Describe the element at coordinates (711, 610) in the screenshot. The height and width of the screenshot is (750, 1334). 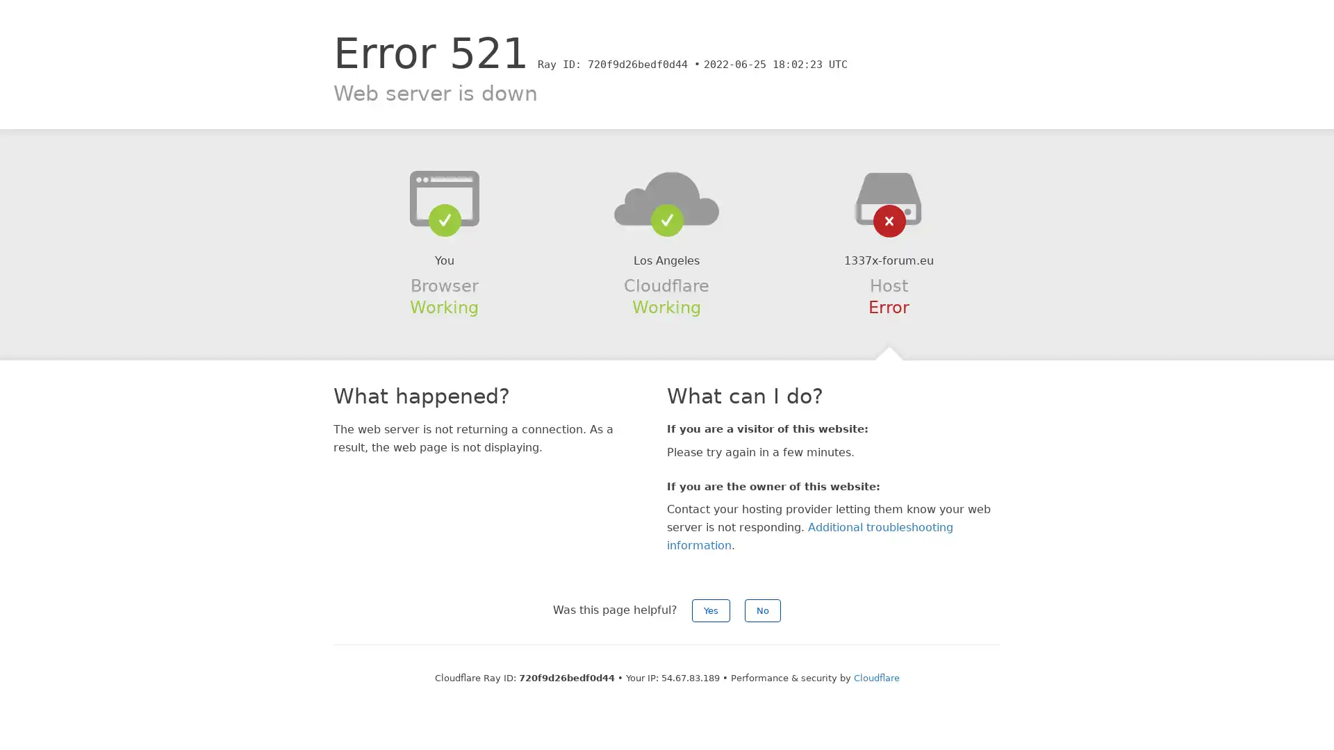
I see `Yes` at that location.